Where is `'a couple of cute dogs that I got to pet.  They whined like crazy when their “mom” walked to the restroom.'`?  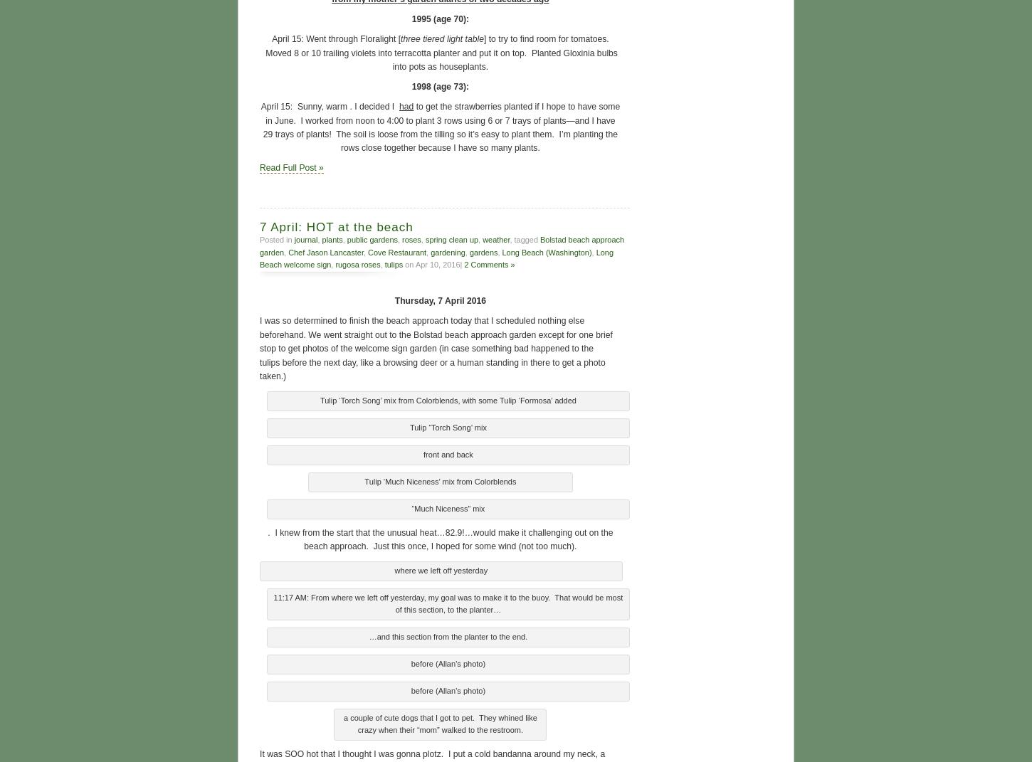
'a couple of cute dogs that I got to pet.  They whined like crazy when their “mom” walked to the restroom.' is located at coordinates (438, 721).